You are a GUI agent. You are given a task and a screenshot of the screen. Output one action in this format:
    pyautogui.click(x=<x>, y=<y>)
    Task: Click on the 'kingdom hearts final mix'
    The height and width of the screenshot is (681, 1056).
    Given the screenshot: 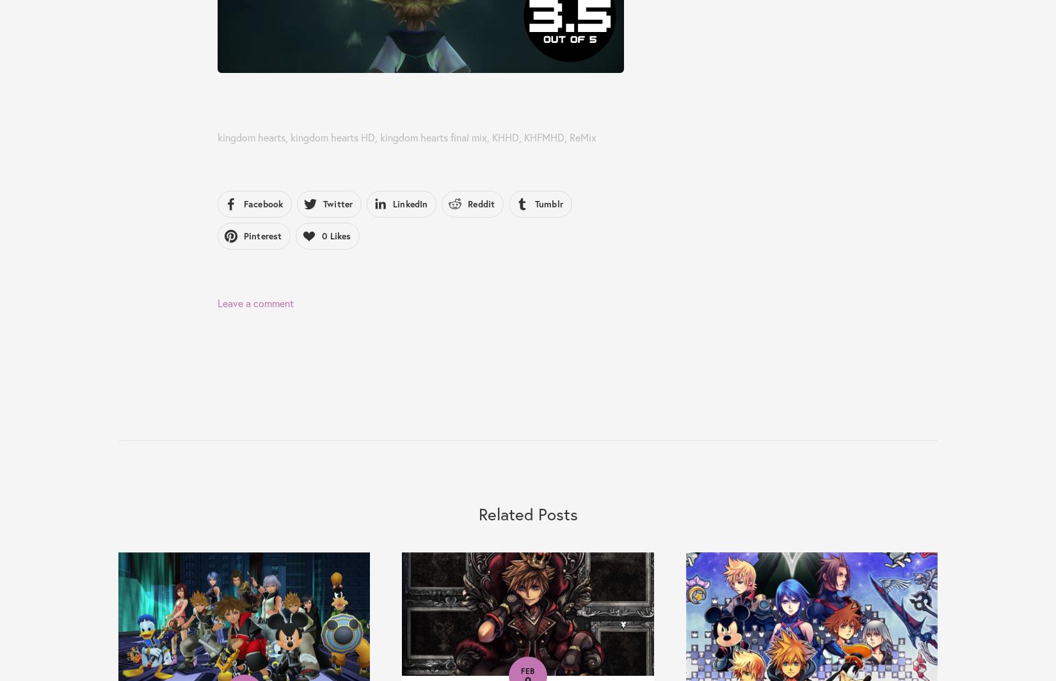 What is the action you would take?
    pyautogui.click(x=433, y=137)
    